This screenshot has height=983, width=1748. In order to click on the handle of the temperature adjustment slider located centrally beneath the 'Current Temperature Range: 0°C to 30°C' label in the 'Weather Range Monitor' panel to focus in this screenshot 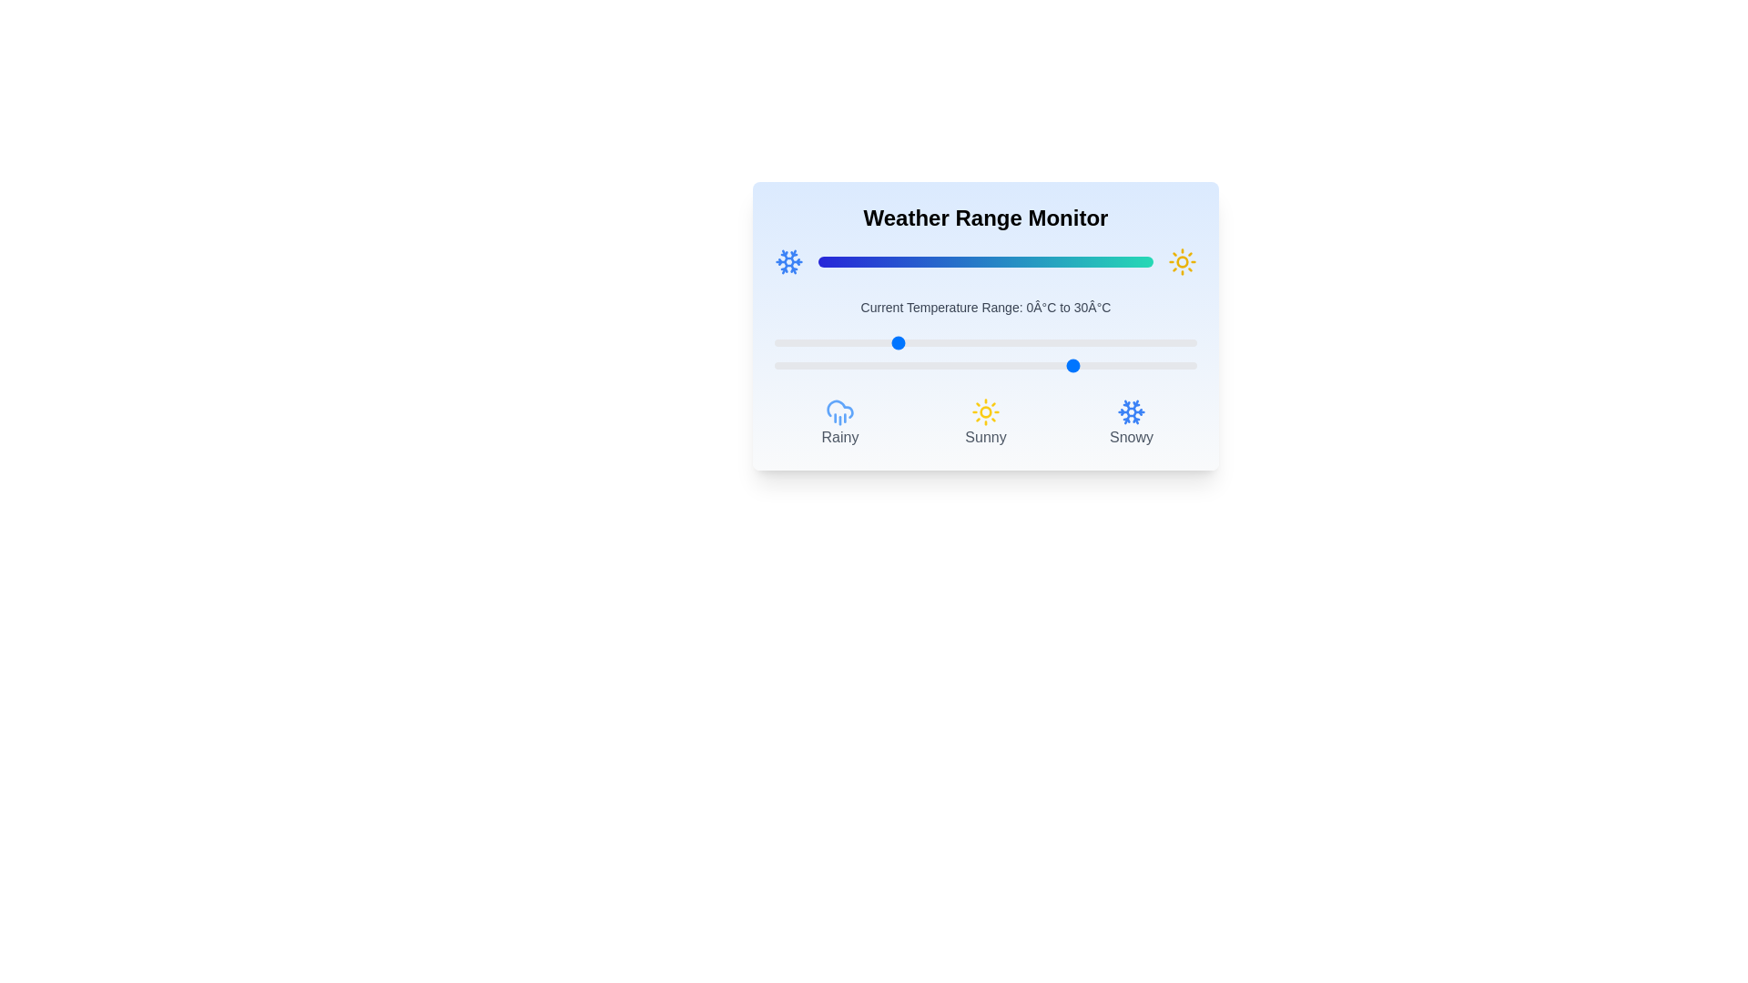, I will do `click(985, 343)`.